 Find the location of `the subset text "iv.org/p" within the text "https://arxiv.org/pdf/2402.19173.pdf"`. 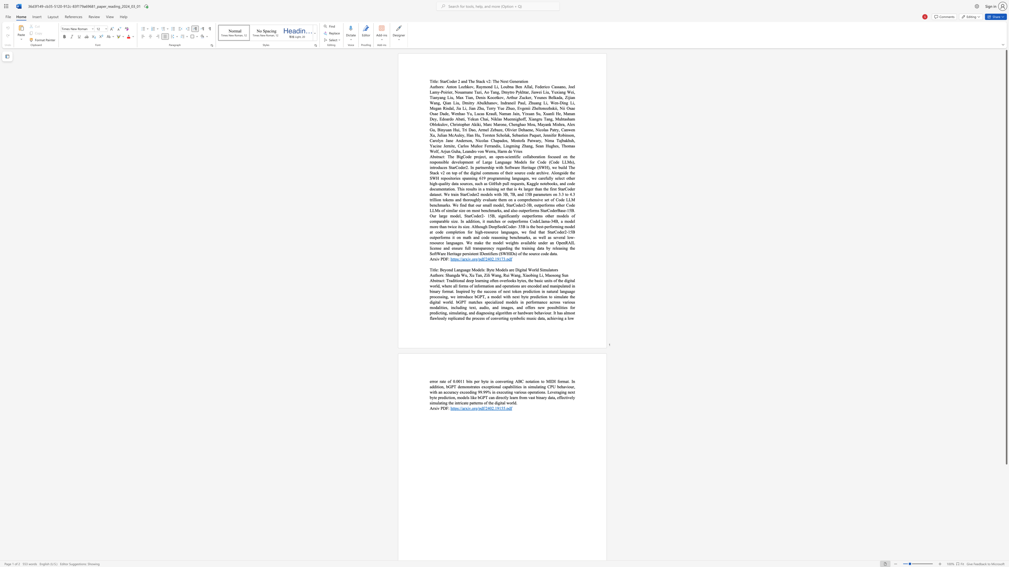

the subset text "iv.org/p" within the text "https://arxiv.org/pdf/2402.19173.pdf" is located at coordinates (467, 259).